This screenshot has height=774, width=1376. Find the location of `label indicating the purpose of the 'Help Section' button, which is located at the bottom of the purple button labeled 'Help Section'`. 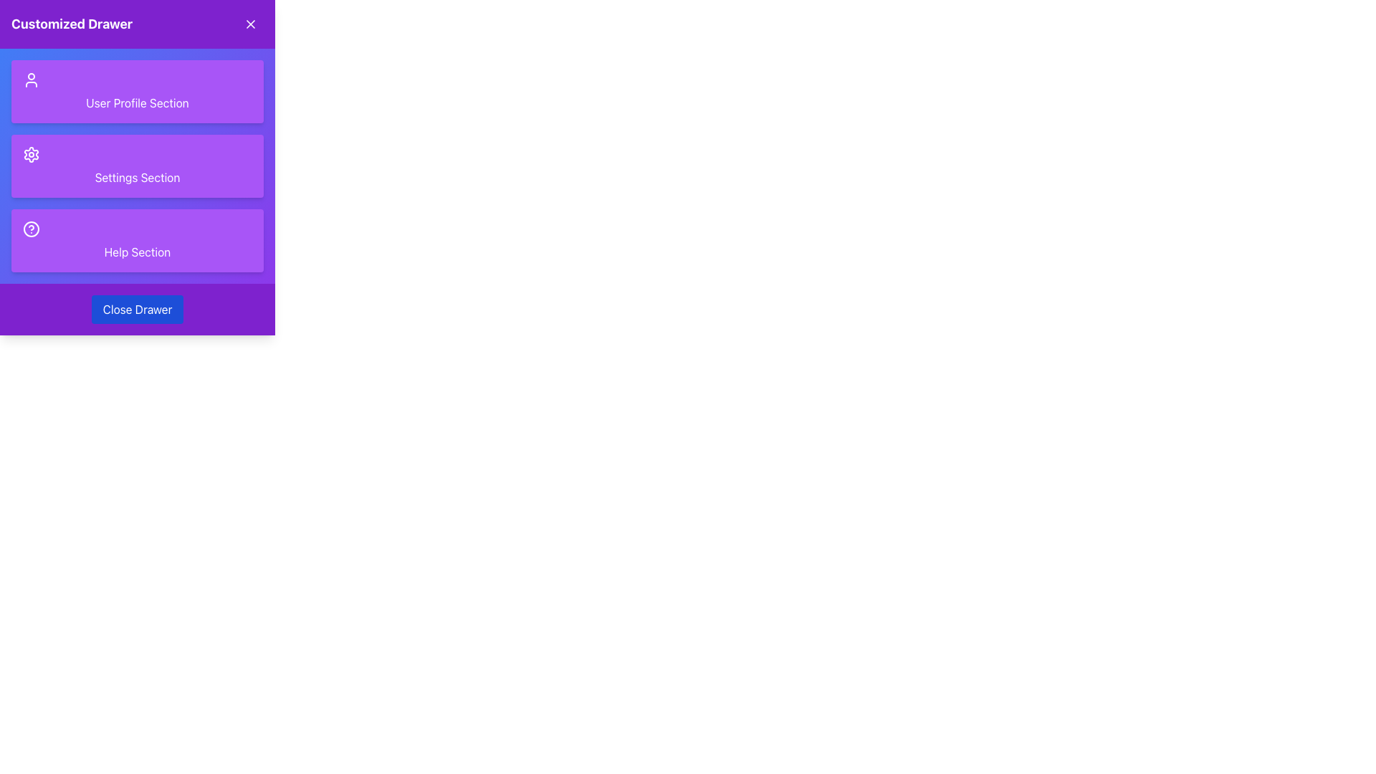

label indicating the purpose of the 'Help Section' button, which is located at the bottom of the purple button labeled 'Help Section' is located at coordinates (138, 251).